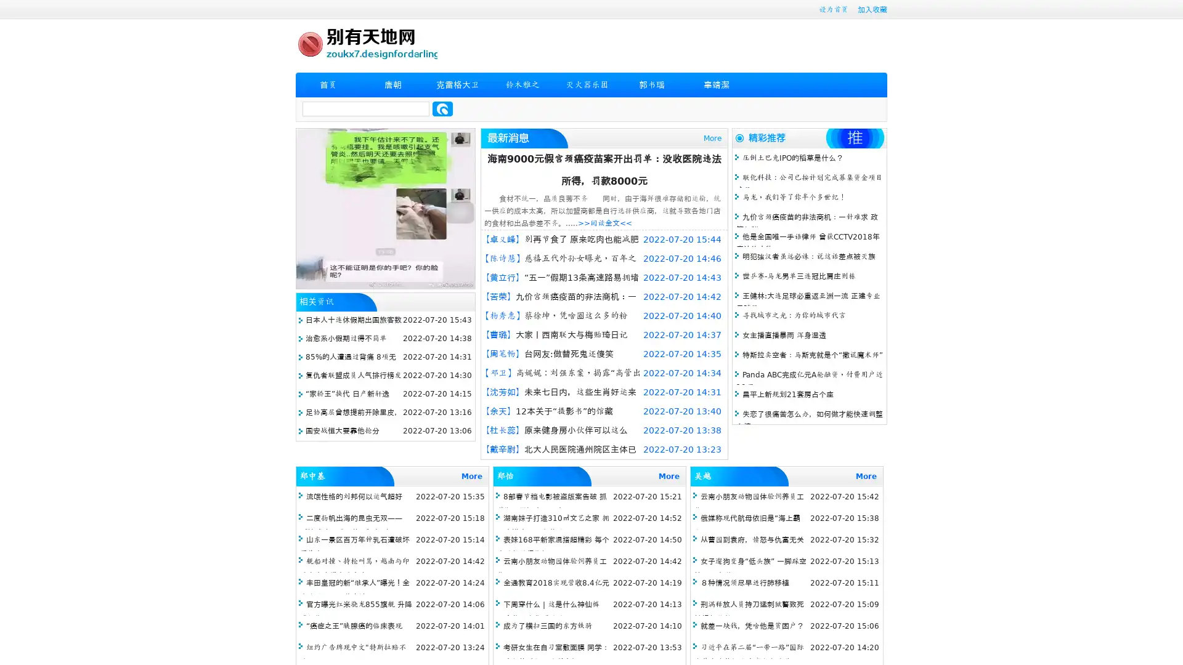  I want to click on Search, so click(442, 108).